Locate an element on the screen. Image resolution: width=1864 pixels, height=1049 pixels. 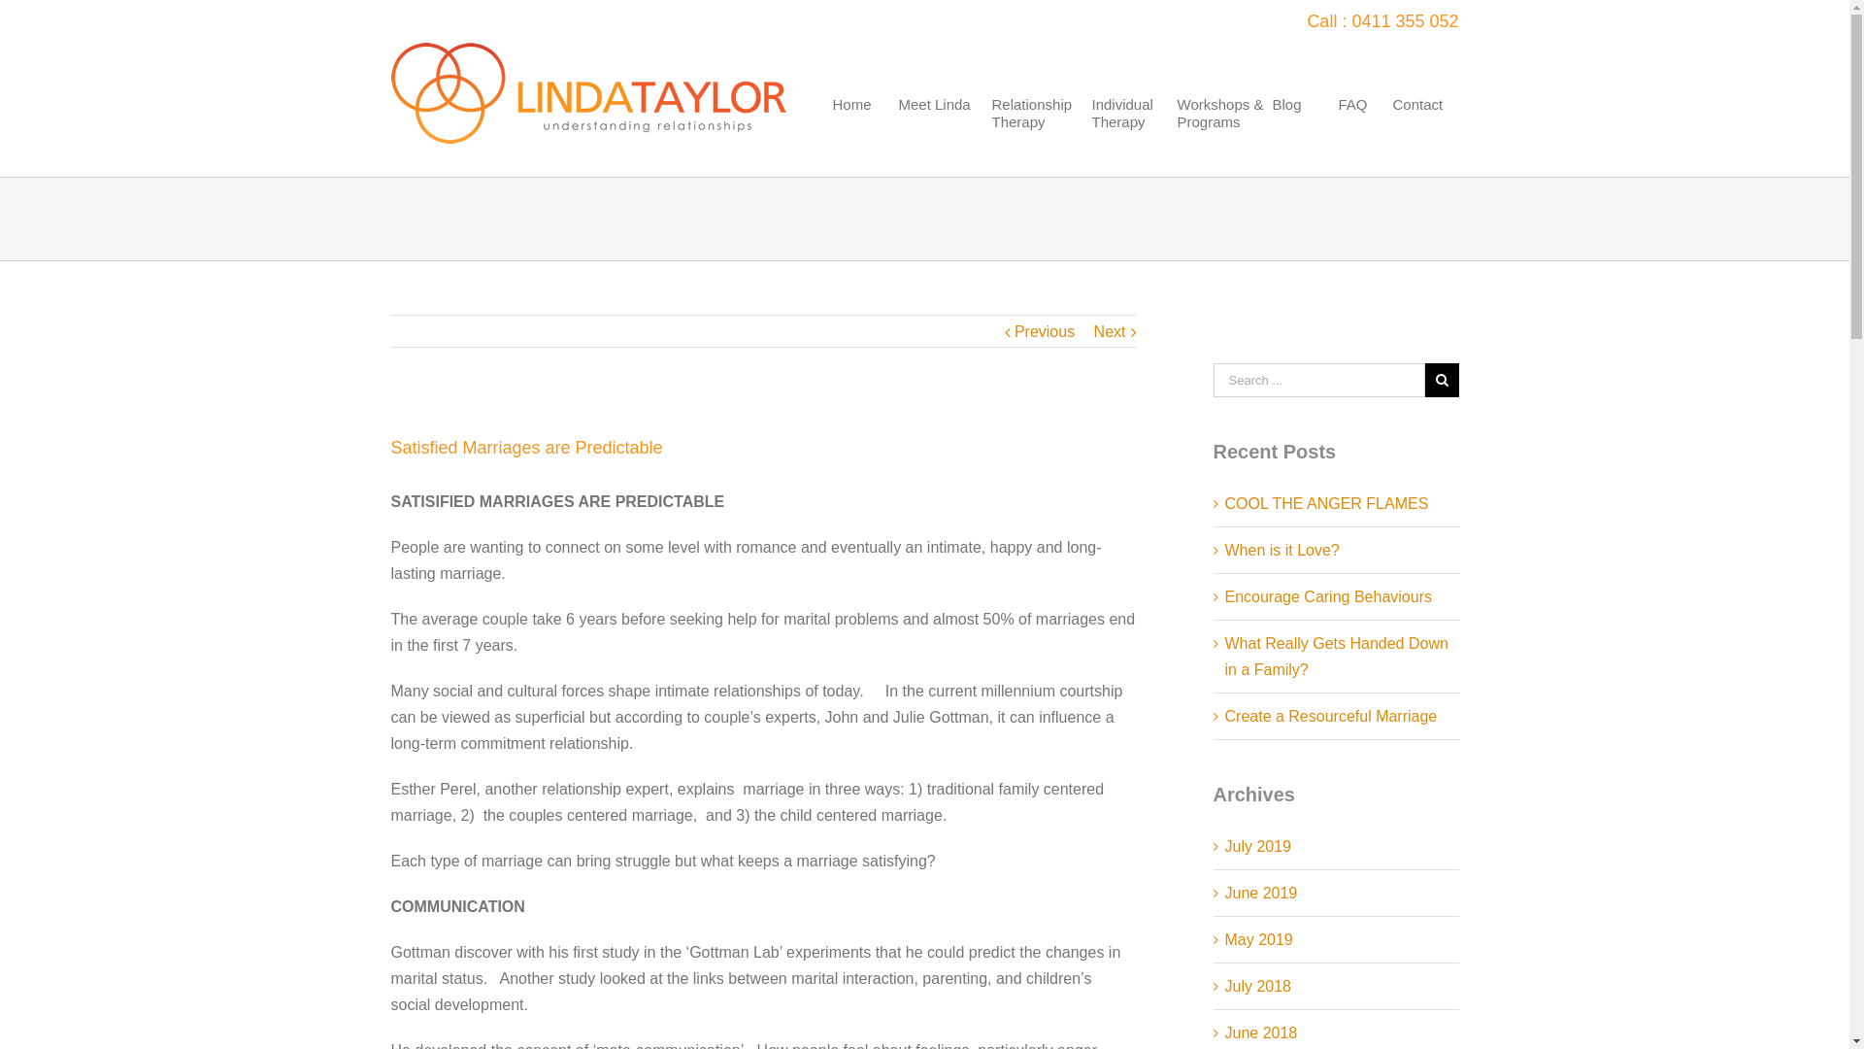
'June 2018' is located at coordinates (1261, 1032).